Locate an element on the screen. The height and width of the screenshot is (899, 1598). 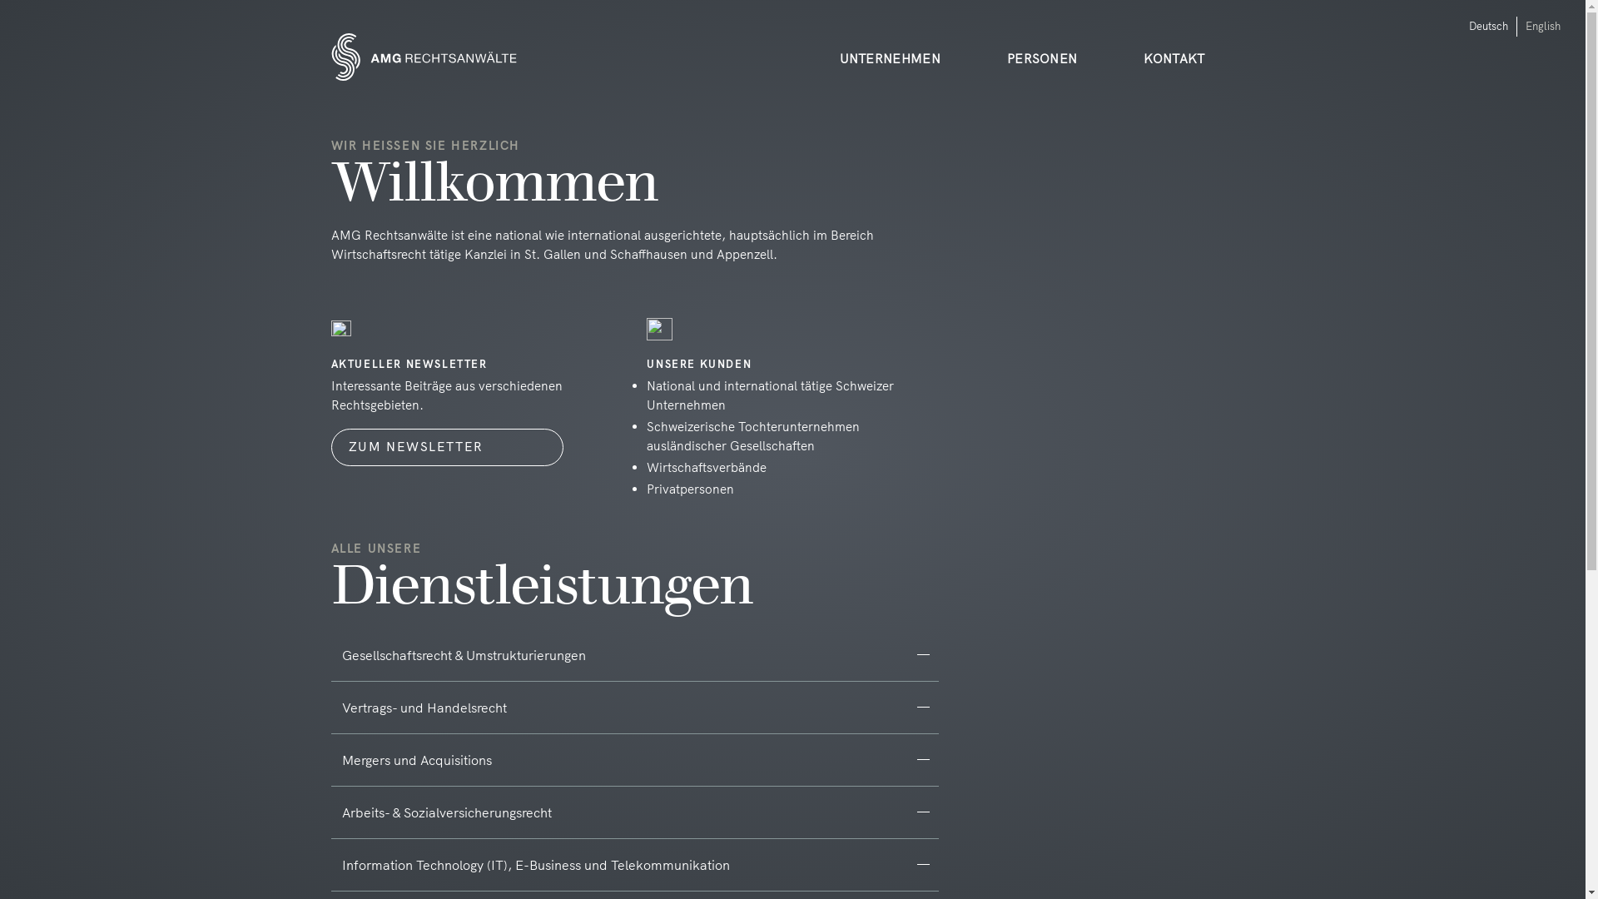
'ZUM NEWSLETTER' is located at coordinates (447, 446).